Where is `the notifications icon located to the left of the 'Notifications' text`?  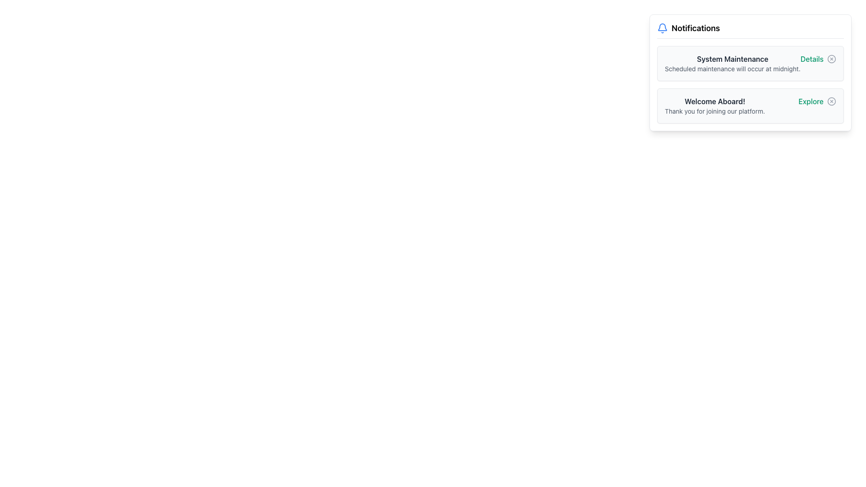
the notifications icon located to the left of the 'Notifications' text is located at coordinates (662, 28).